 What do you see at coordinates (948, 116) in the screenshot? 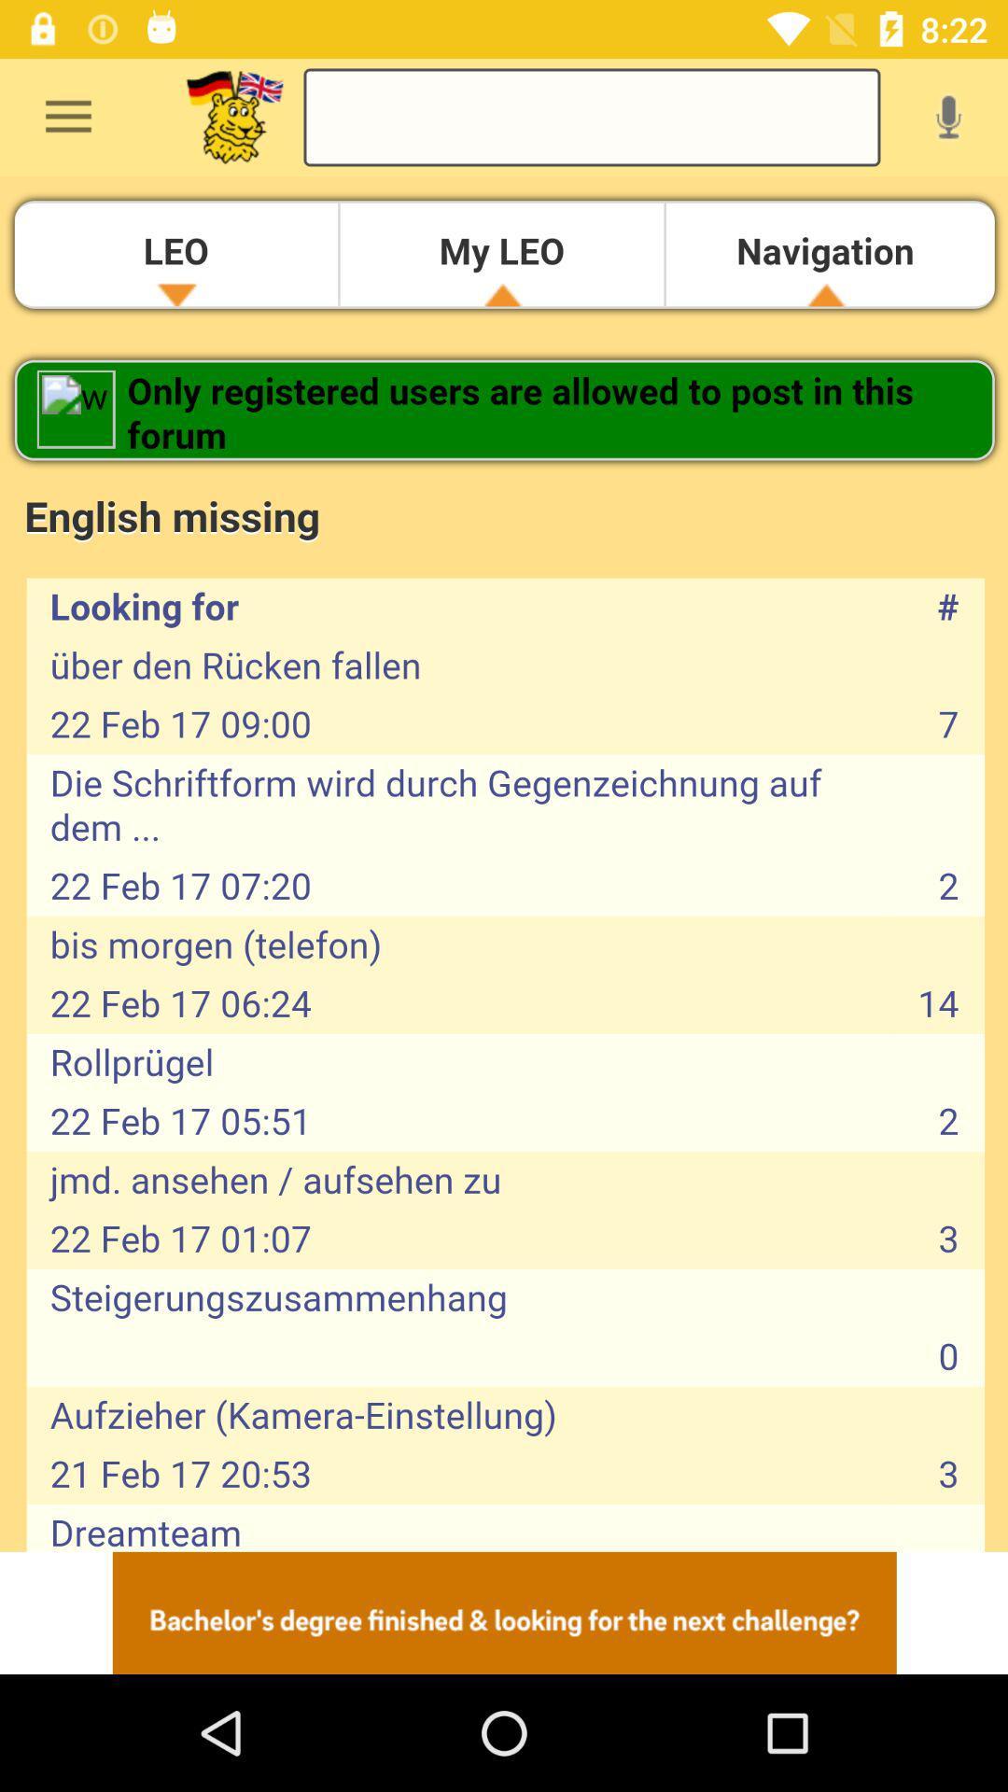
I see `voice search` at bounding box center [948, 116].